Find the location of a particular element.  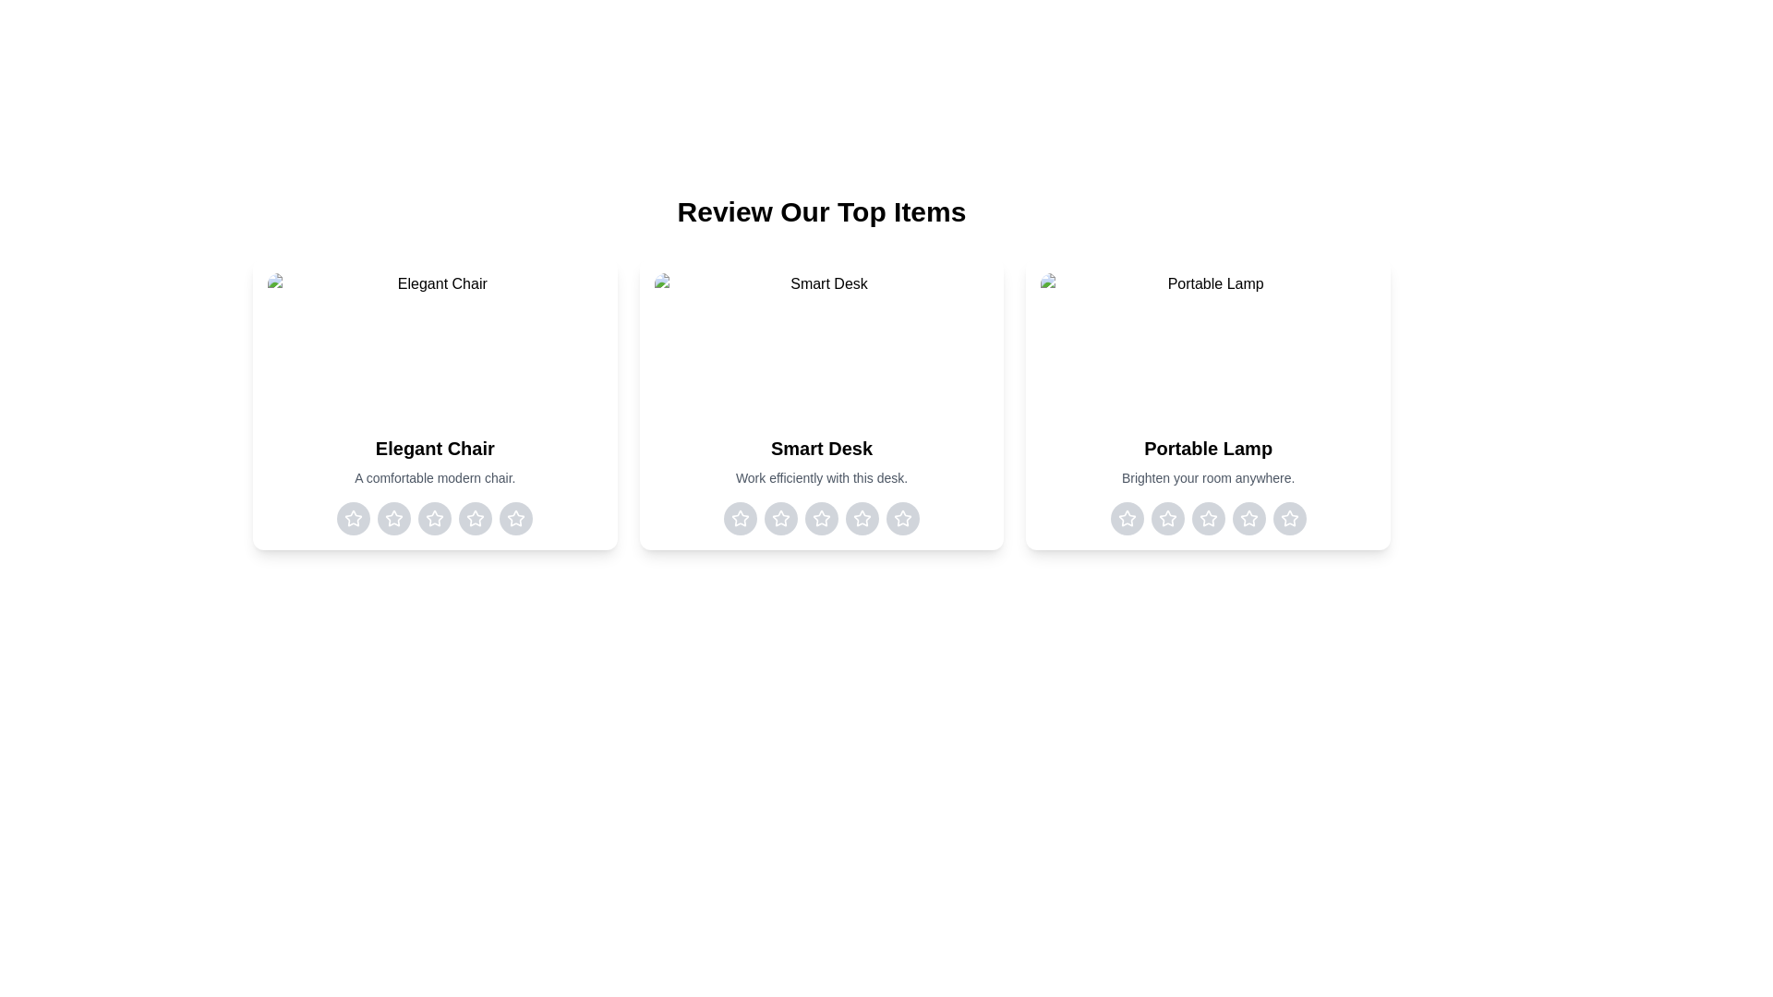

the details of the item Smart Desk is located at coordinates (820, 403).